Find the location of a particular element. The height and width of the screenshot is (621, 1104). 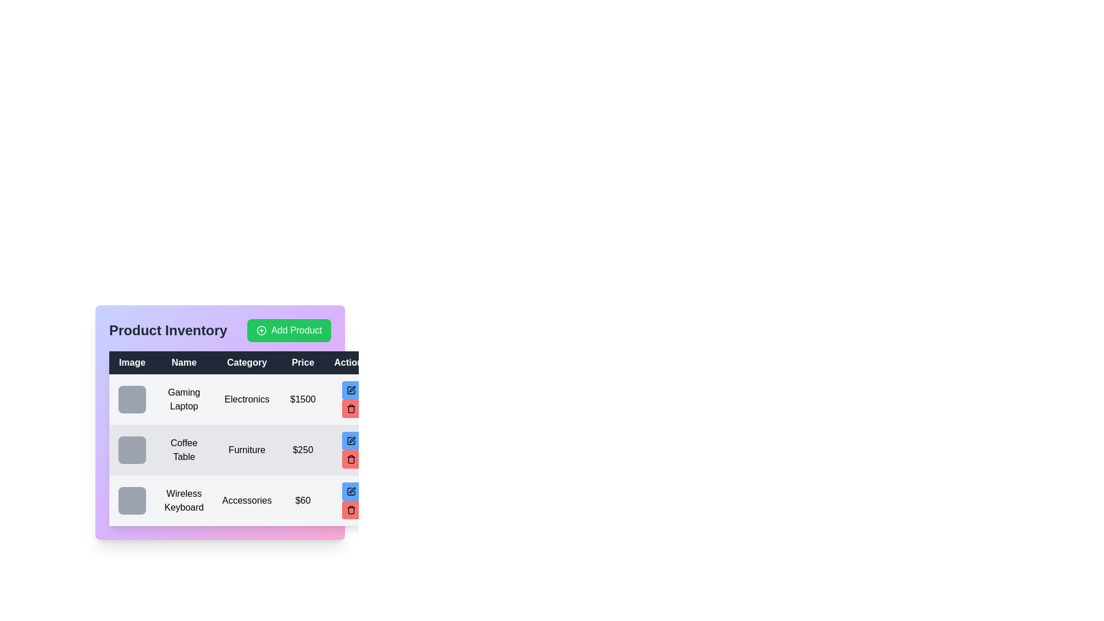

the static text label identifying the product name 'Coffee Table' located in the second row under the 'Name' column of the table is located at coordinates (184, 450).